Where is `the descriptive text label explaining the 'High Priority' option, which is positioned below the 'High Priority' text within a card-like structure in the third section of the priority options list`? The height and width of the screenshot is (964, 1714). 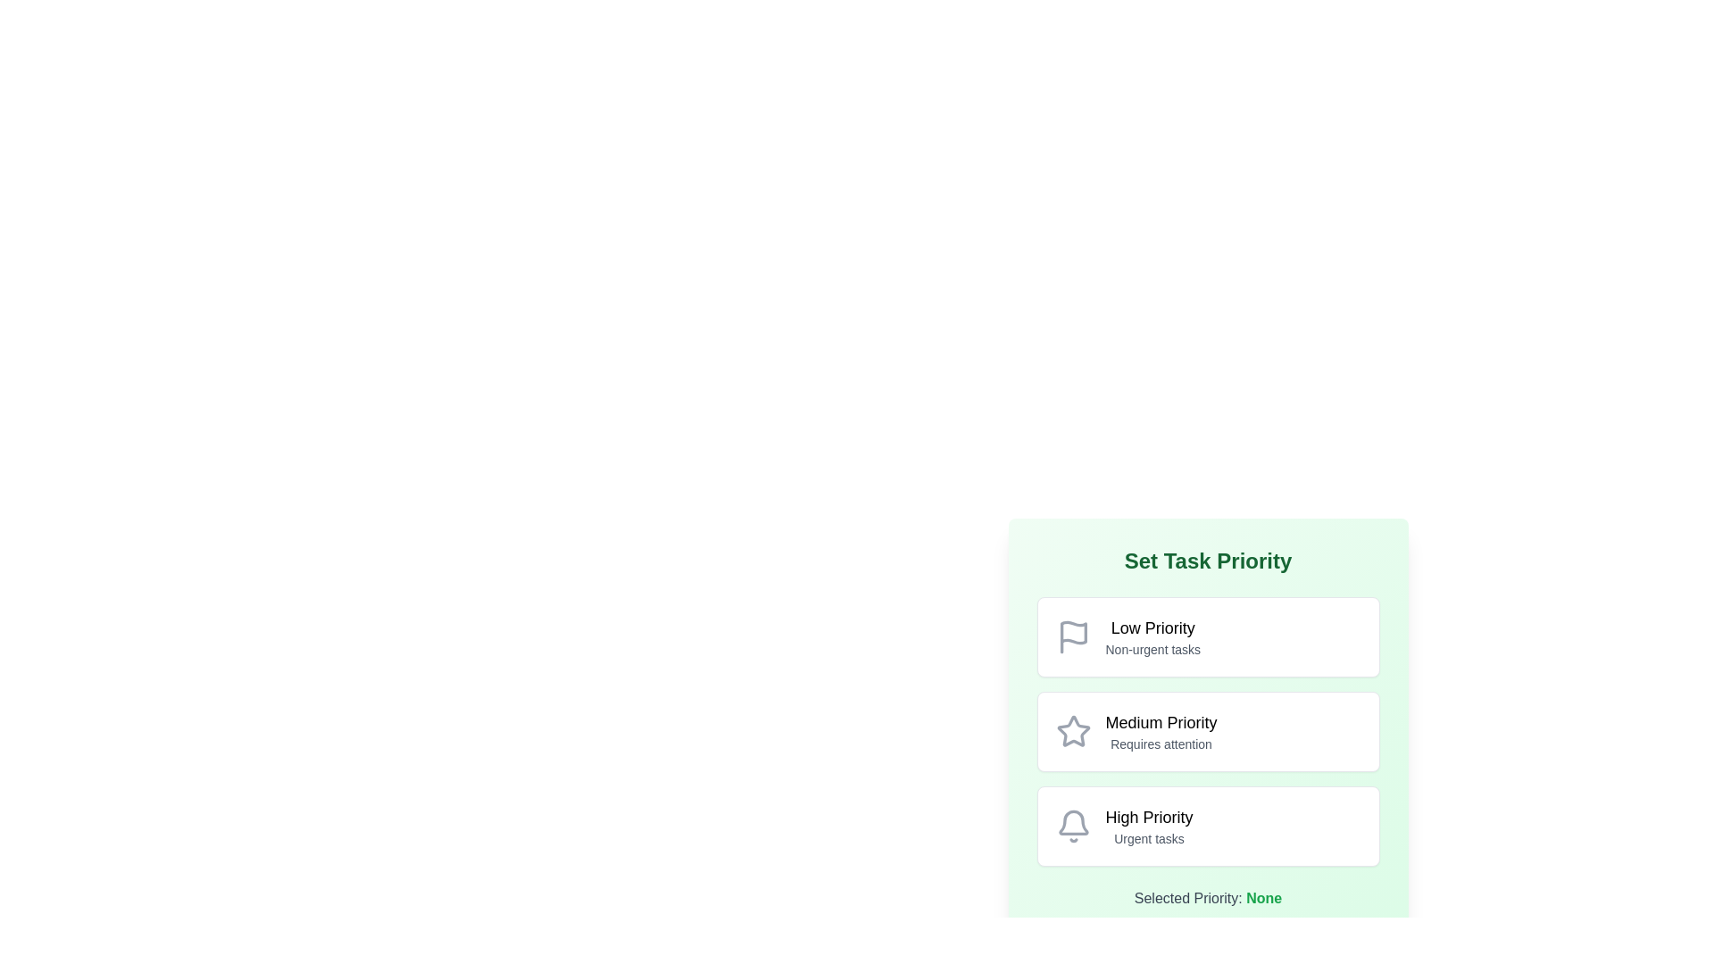
the descriptive text label explaining the 'High Priority' option, which is positioned below the 'High Priority' text within a card-like structure in the third section of the priority options list is located at coordinates (1149, 839).